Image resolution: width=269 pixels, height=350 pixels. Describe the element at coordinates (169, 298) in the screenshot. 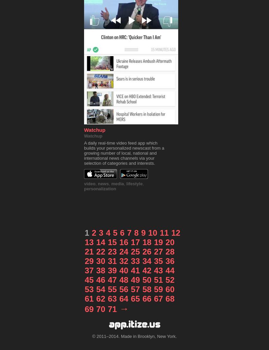

I see `'68'` at that location.